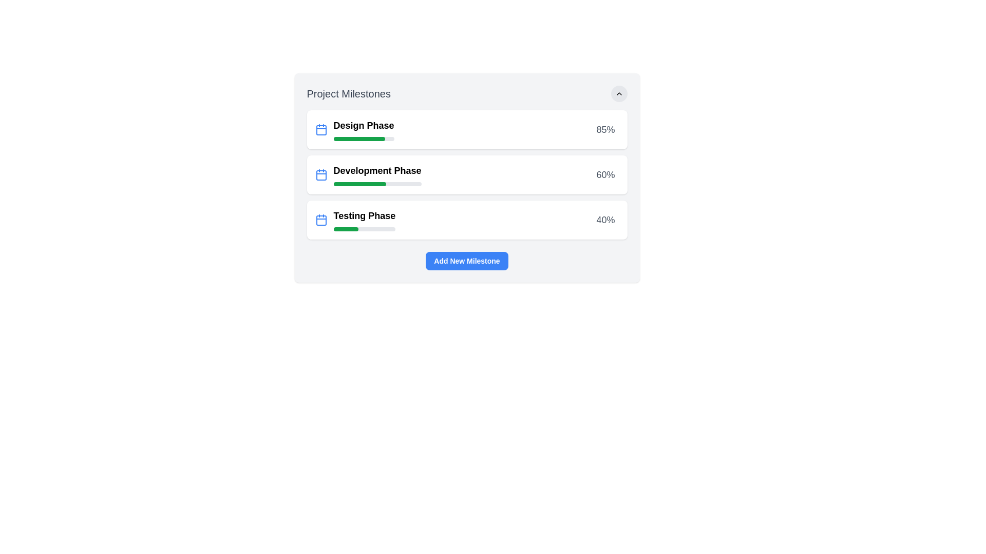 The height and width of the screenshot is (554, 986). I want to click on the horizontal progress bar with a gray background and a green indicator showing 40% progress, located below the text 'Testing Phase' in the 'Project Milestones' list, aligned with the third milestone, so click(364, 229).